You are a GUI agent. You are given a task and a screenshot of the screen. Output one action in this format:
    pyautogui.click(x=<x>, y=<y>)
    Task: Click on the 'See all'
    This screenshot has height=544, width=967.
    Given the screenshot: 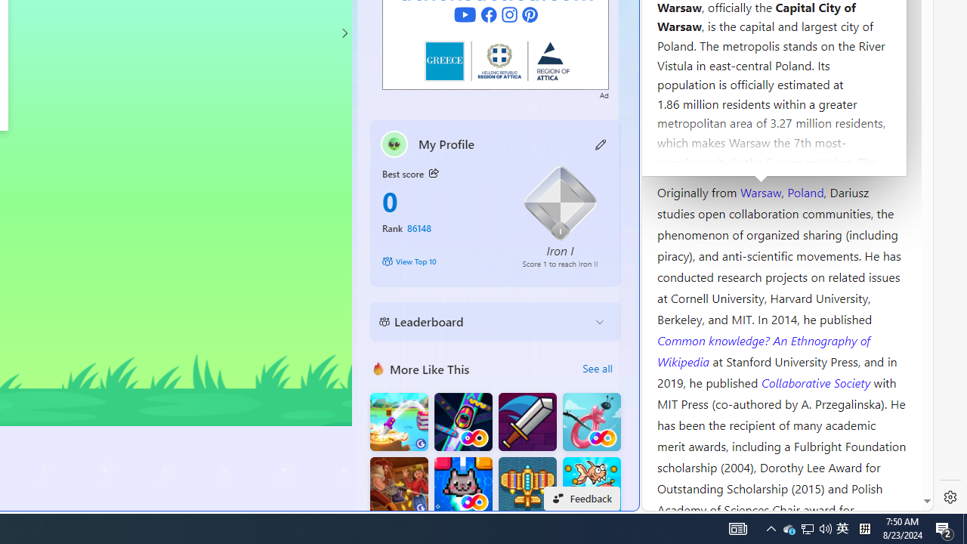 What is the action you would take?
    pyautogui.click(x=597, y=369)
    